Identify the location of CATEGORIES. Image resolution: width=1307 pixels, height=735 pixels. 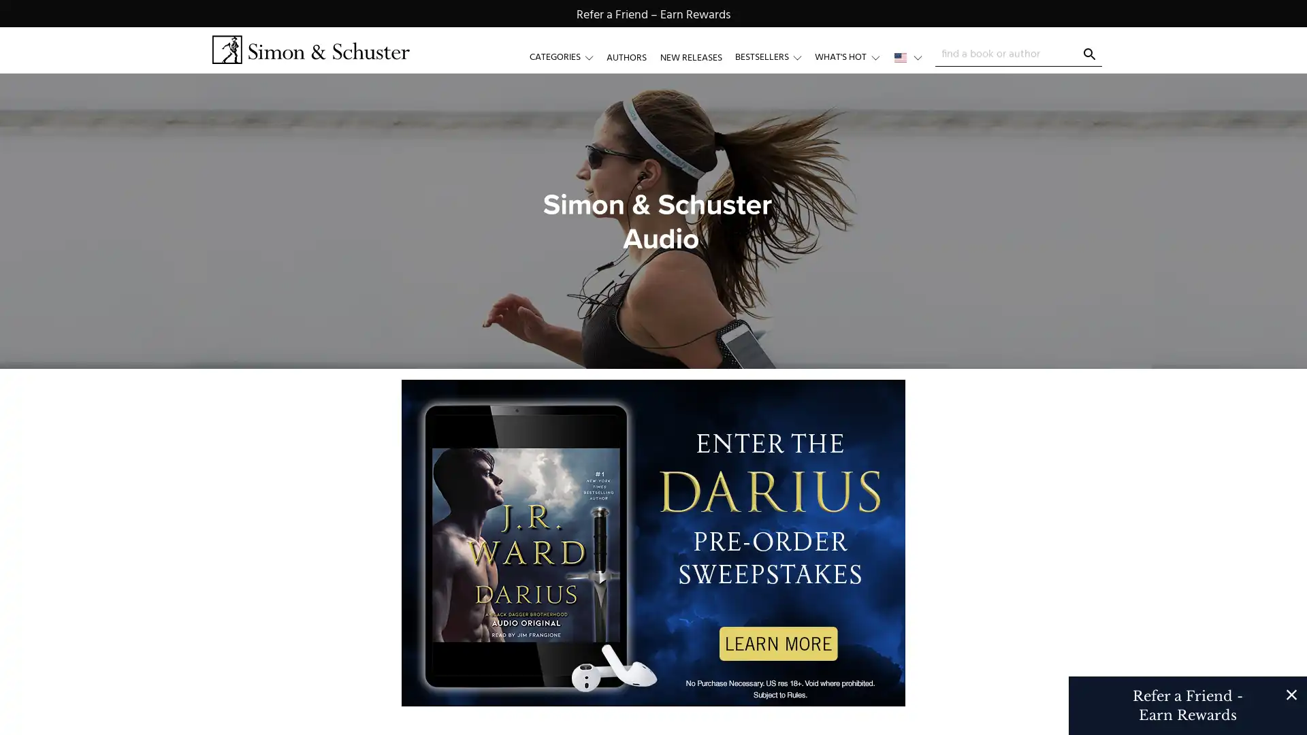
(568, 56).